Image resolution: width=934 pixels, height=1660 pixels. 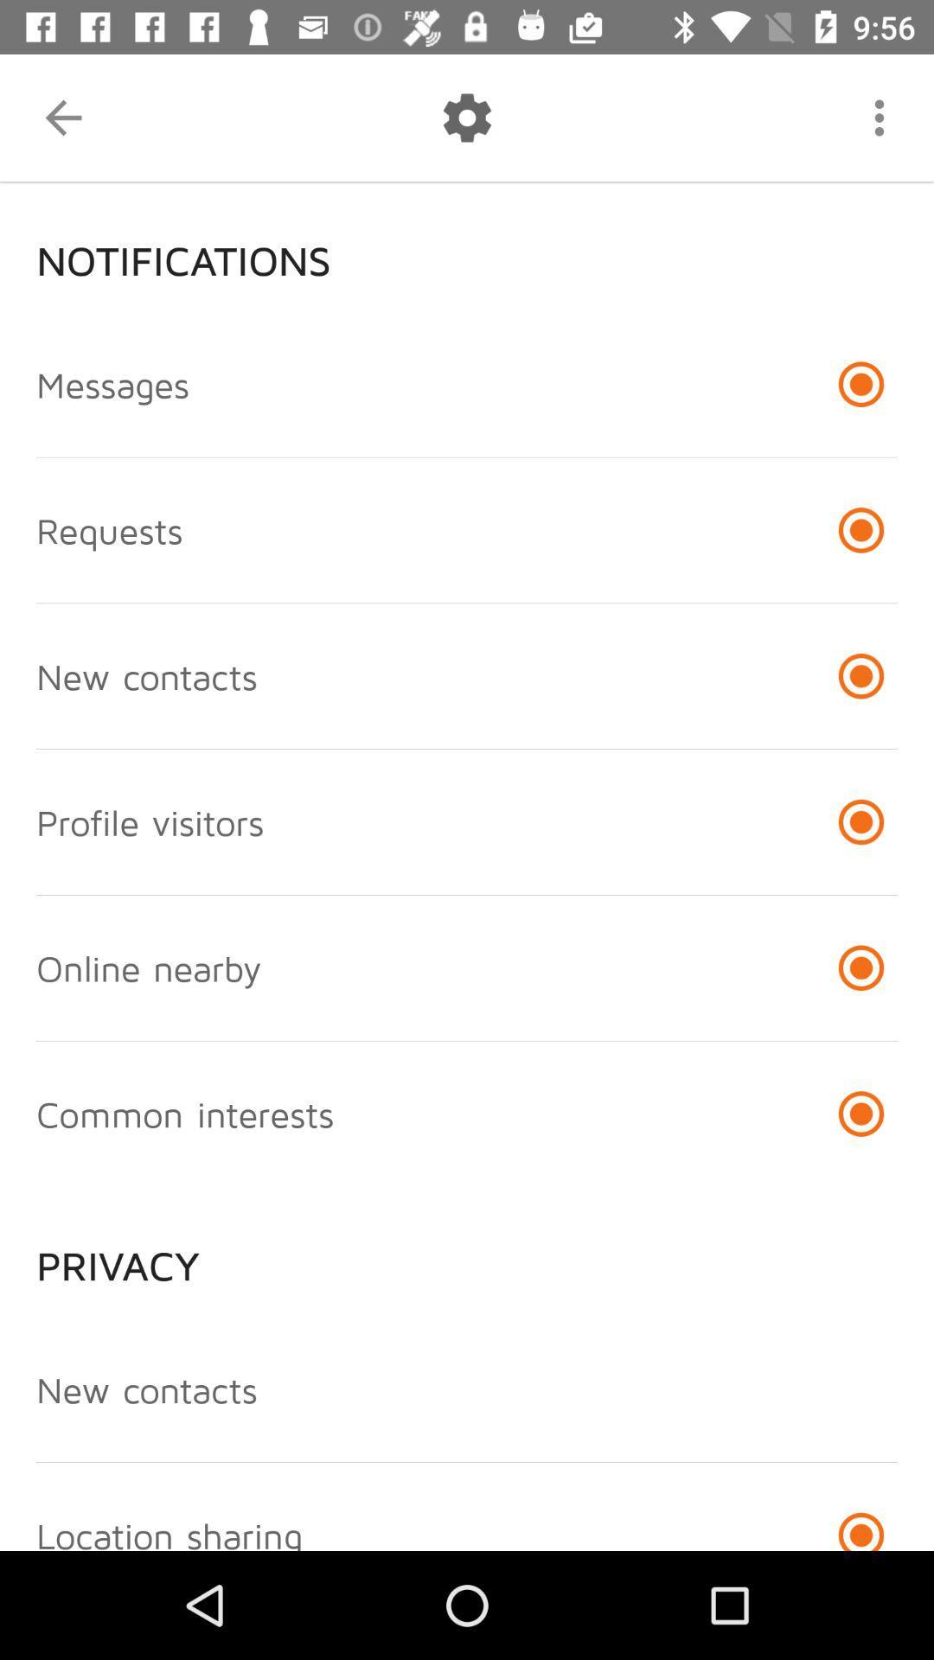 What do you see at coordinates (467, 246) in the screenshot?
I see `the notifications item` at bounding box center [467, 246].